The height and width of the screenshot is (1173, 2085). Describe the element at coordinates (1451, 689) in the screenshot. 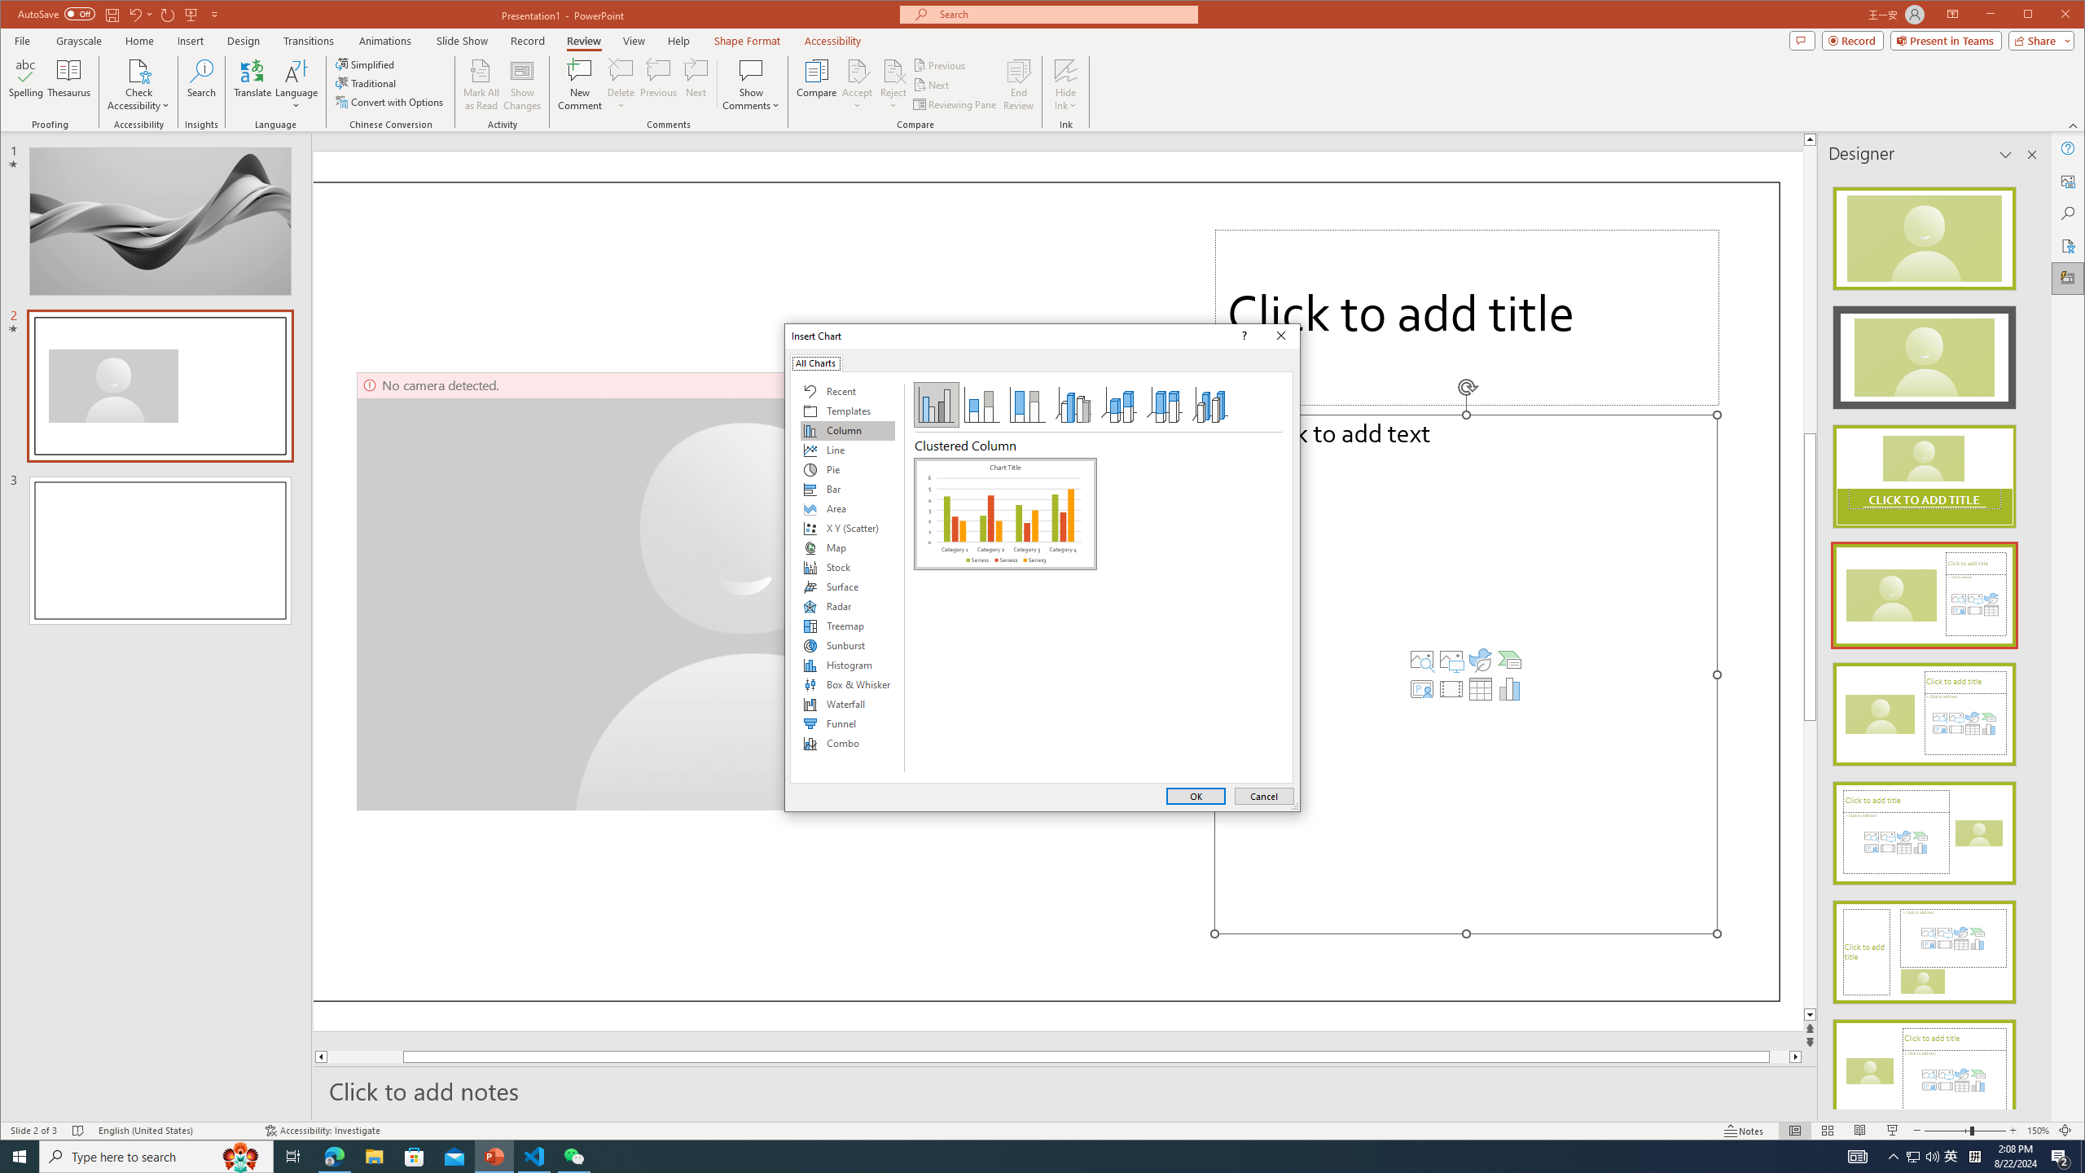

I see `'Insert Video'` at that location.